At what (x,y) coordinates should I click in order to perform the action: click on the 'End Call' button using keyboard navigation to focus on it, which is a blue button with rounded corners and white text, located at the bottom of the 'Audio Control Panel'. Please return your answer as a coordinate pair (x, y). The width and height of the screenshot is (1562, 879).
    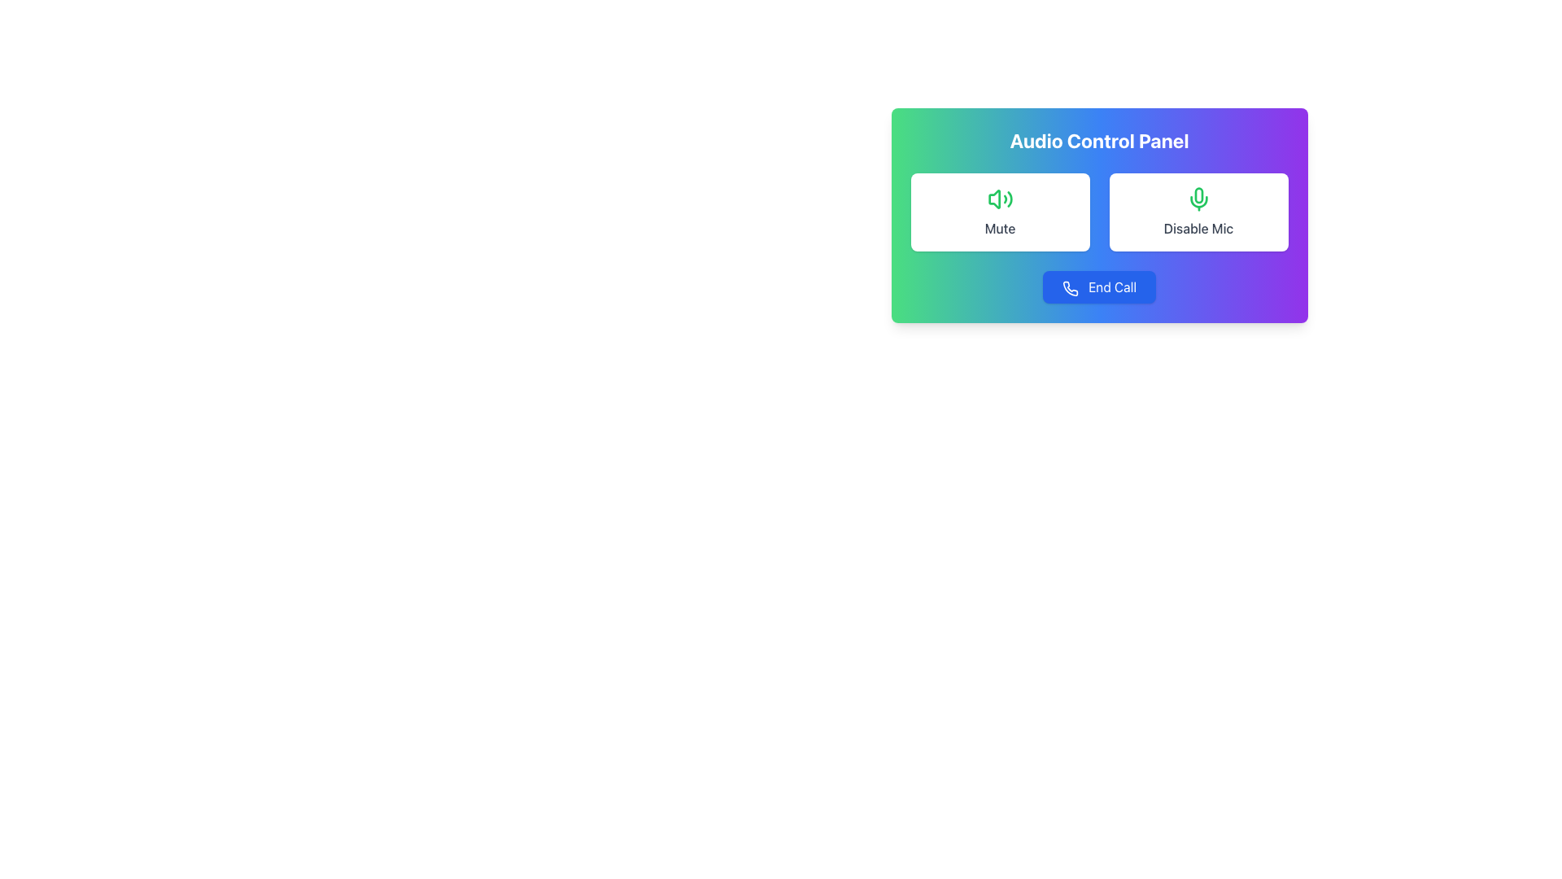
    Looking at the image, I should click on (1099, 286).